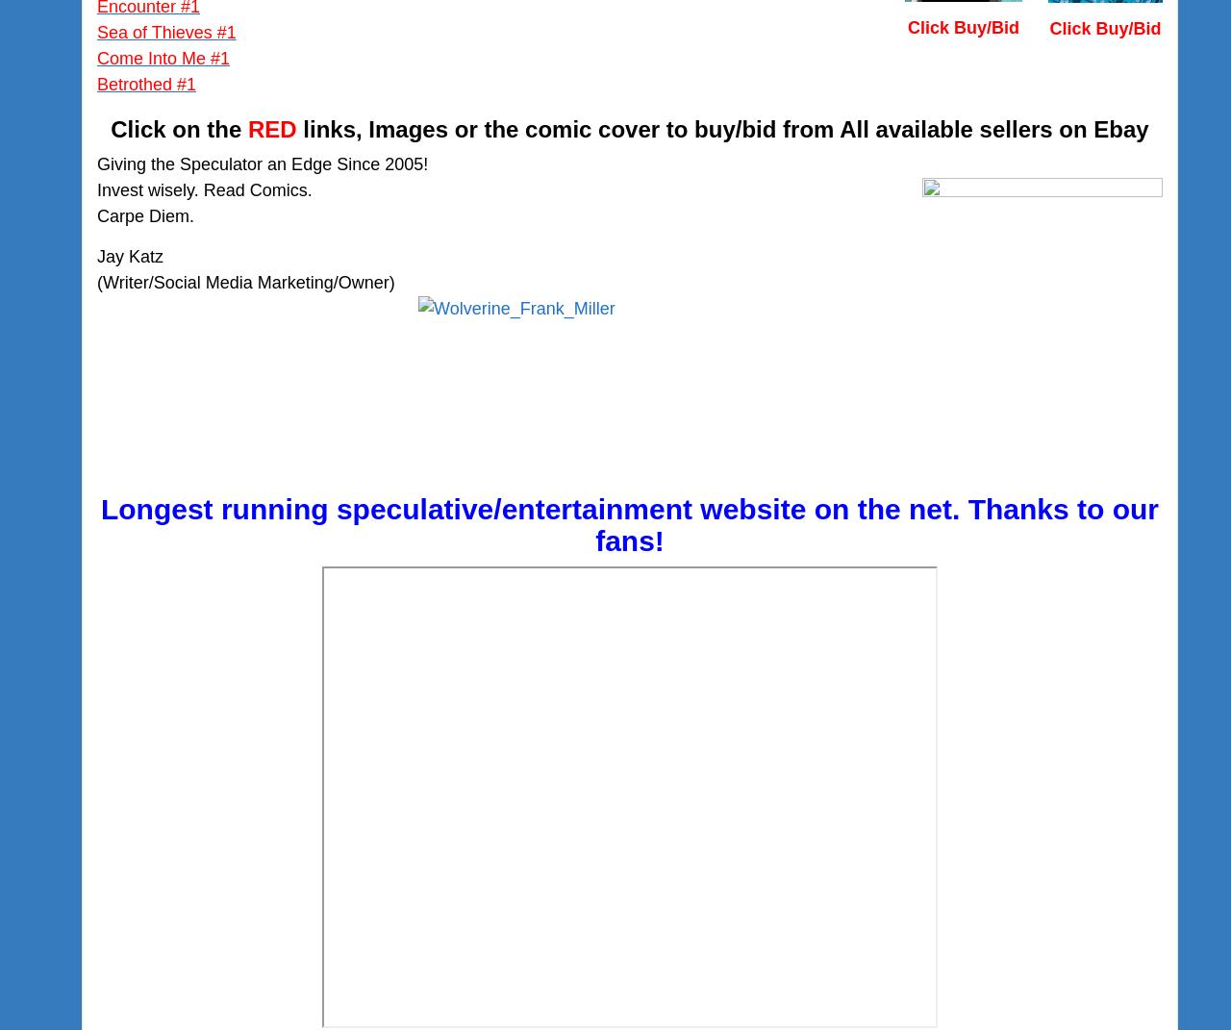 This screenshot has height=1030, width=1231. What do you see at coordinates (95, 282) in the screenshot?
I see `'(Writer/Social Media Marketing/Owner)'` at bounding box center [95, 282].